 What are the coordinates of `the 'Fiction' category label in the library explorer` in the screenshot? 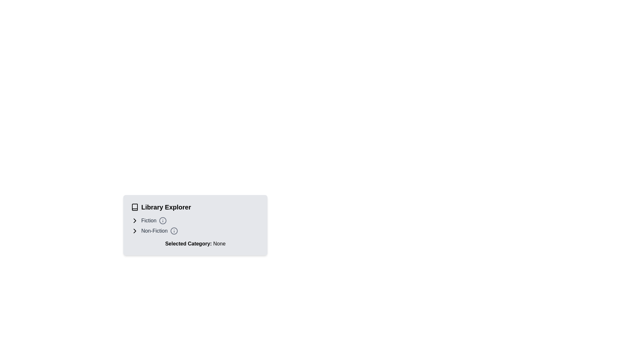 It's located at (148, 220).